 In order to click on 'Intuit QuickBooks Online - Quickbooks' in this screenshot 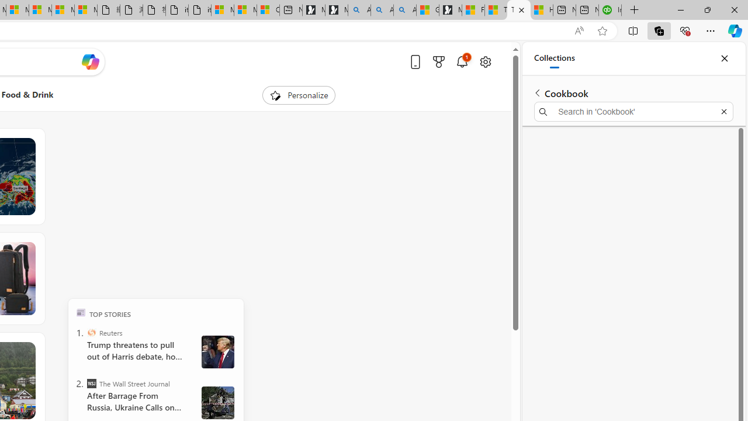, I will do `click(610, 10)`.